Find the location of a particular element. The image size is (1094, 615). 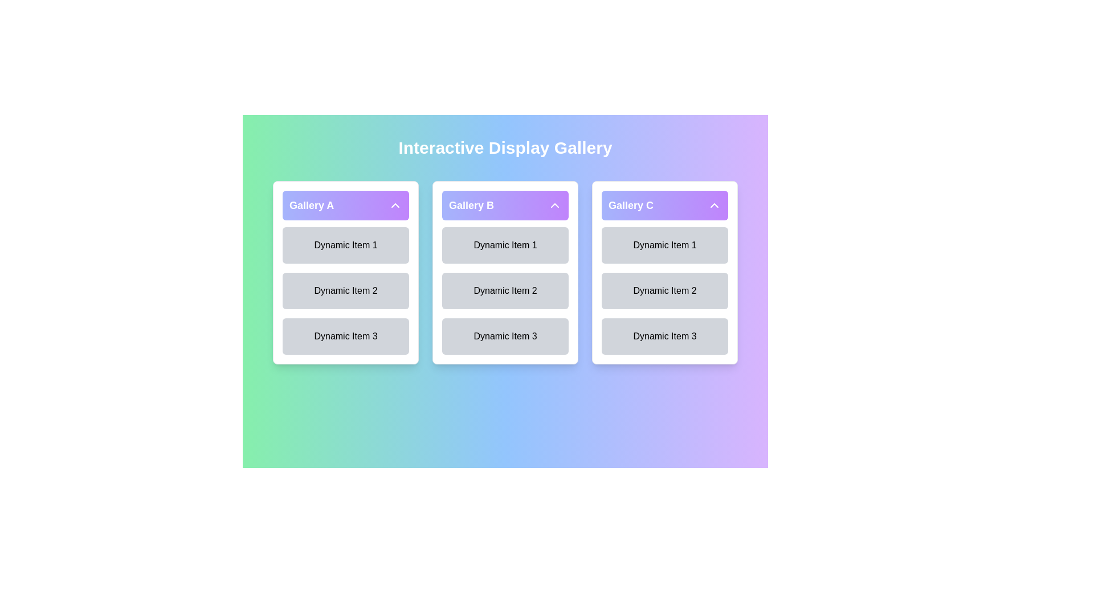

the text label displaying 'Interactive Display Gallery', which is styled with bold and large white text against a gradient background of green, blue, and purple hues is located at coordinates (505, 147).